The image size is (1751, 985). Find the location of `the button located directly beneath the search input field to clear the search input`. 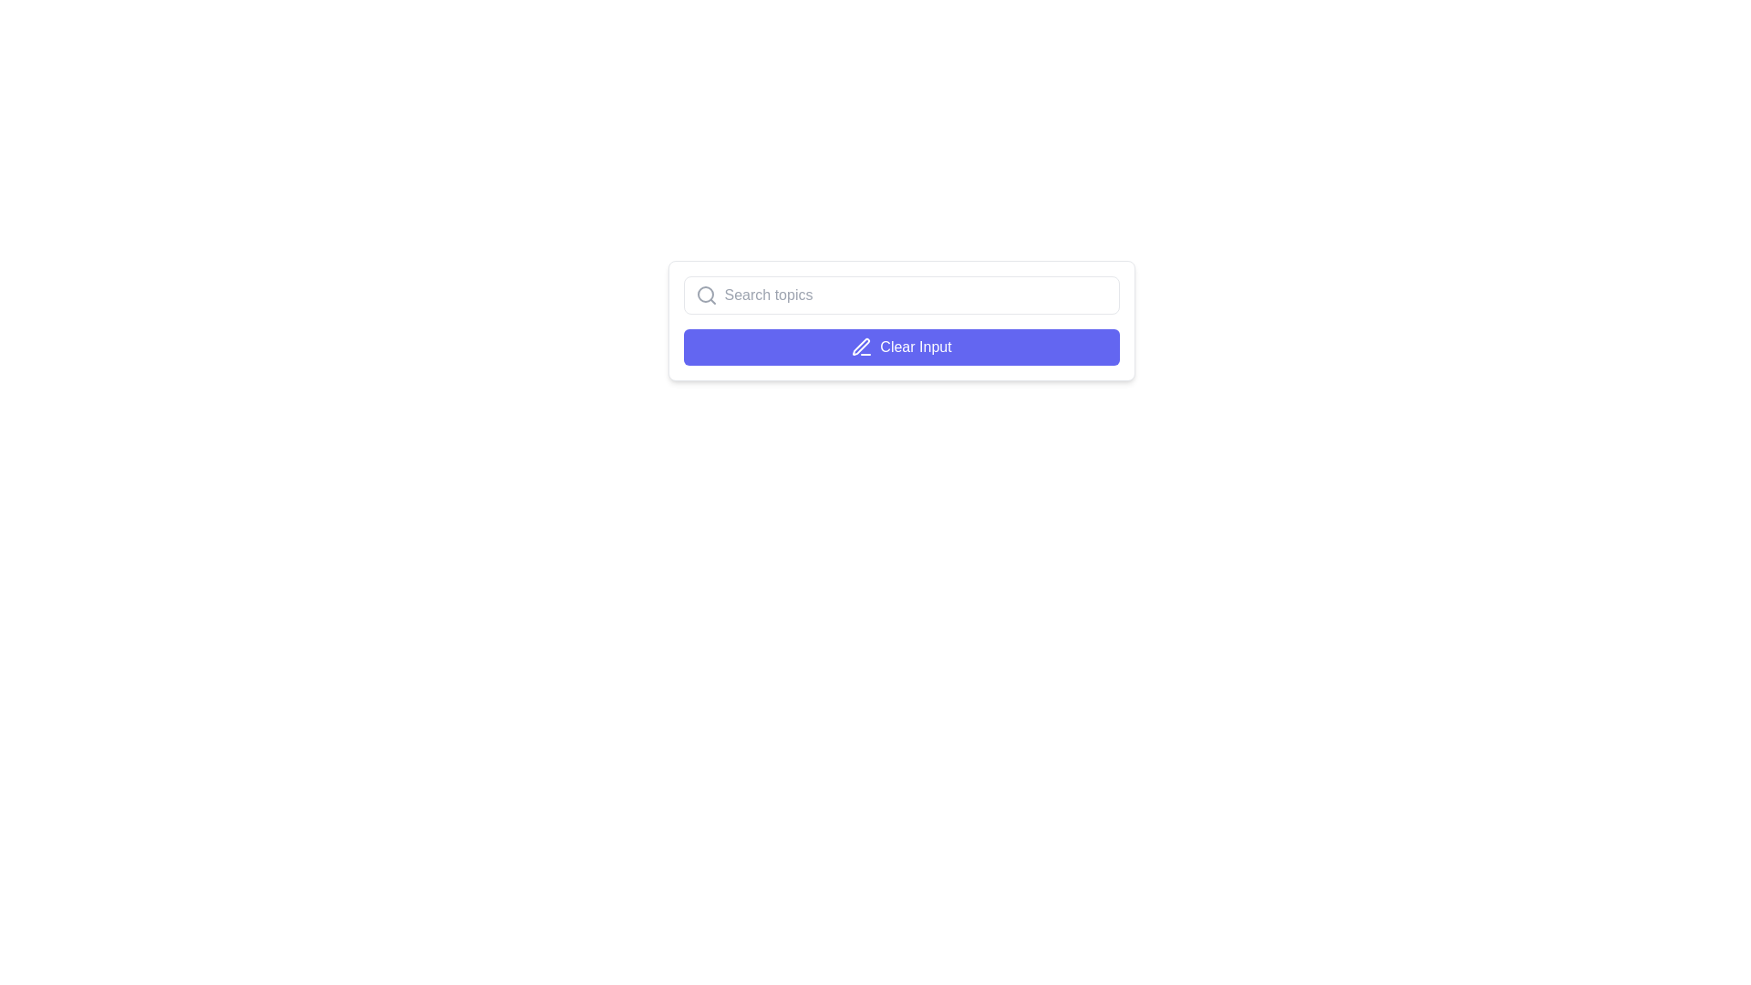

the button located directly beneath the search input field to clear the search input is located at coordinates (901, 319).